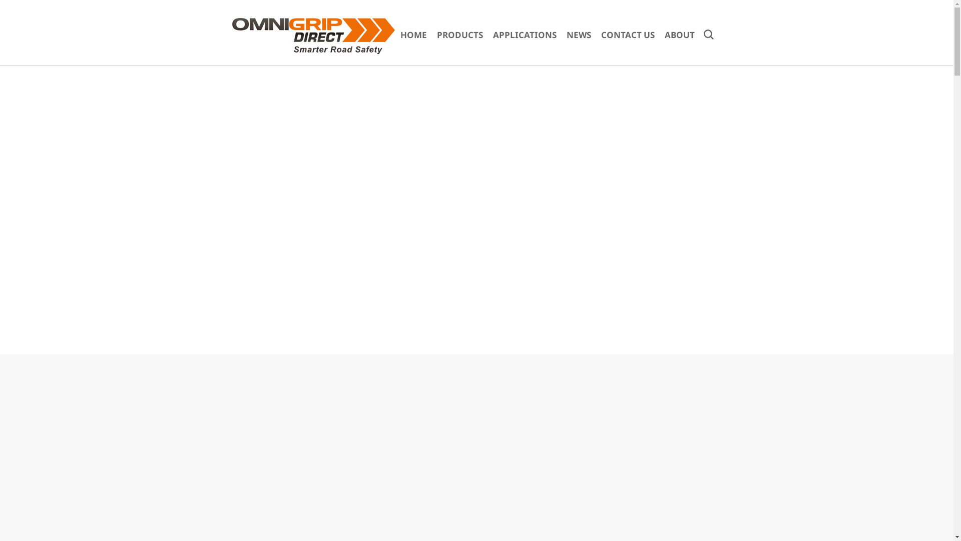  What do you see at coordinates (459, 34) in the screenshot?
I see `'PRODUCTS'` at bounding box center [459, 34].